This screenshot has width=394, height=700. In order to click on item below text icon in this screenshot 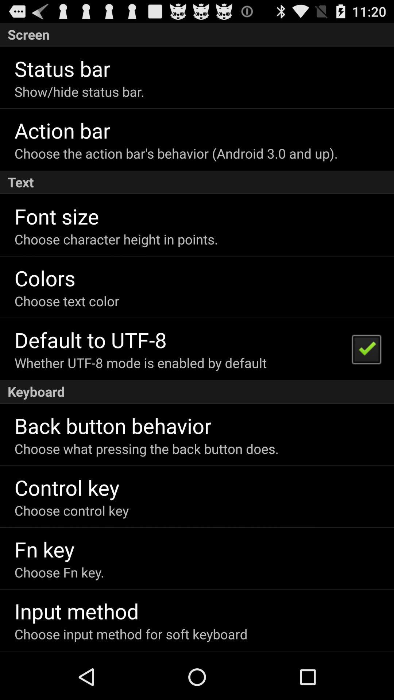, I will do `click(366, 348)`.